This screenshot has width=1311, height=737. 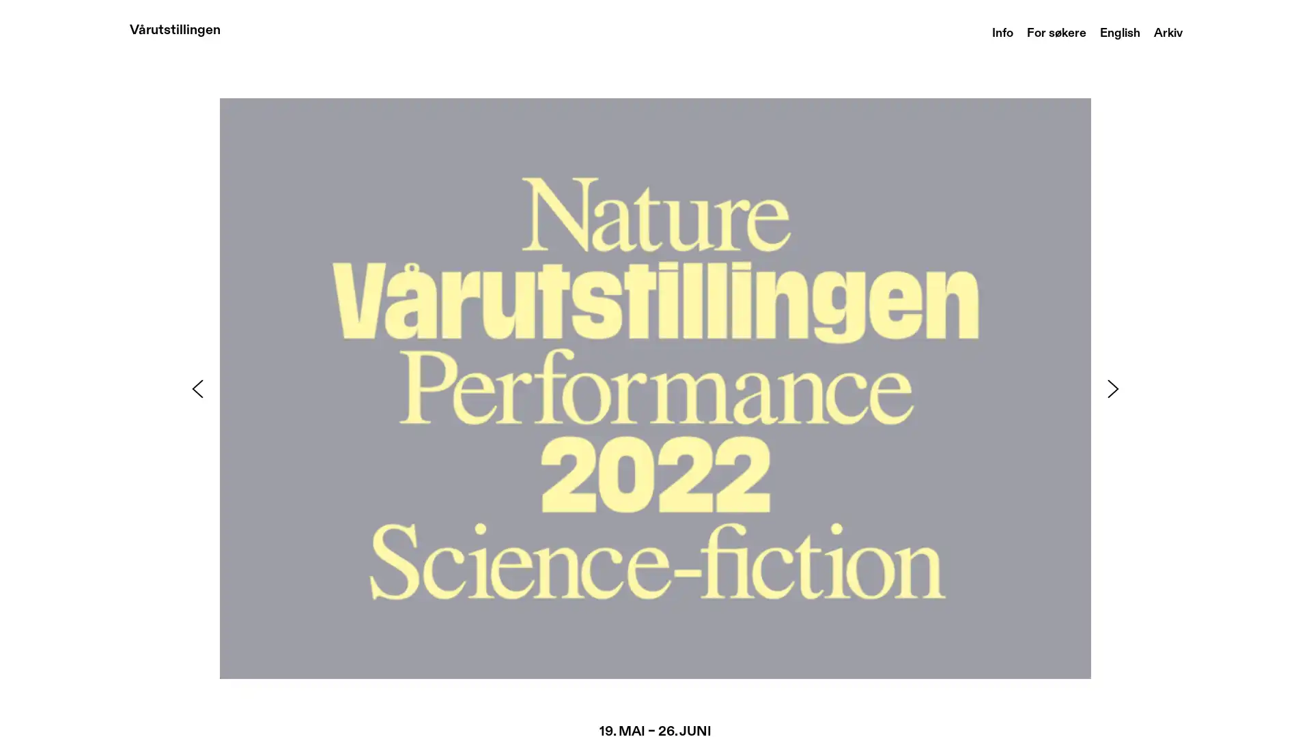 What do you see at coordinates (196, 388) in the screenshot?
I see `Previous slide` at bounding box center [196, 388].